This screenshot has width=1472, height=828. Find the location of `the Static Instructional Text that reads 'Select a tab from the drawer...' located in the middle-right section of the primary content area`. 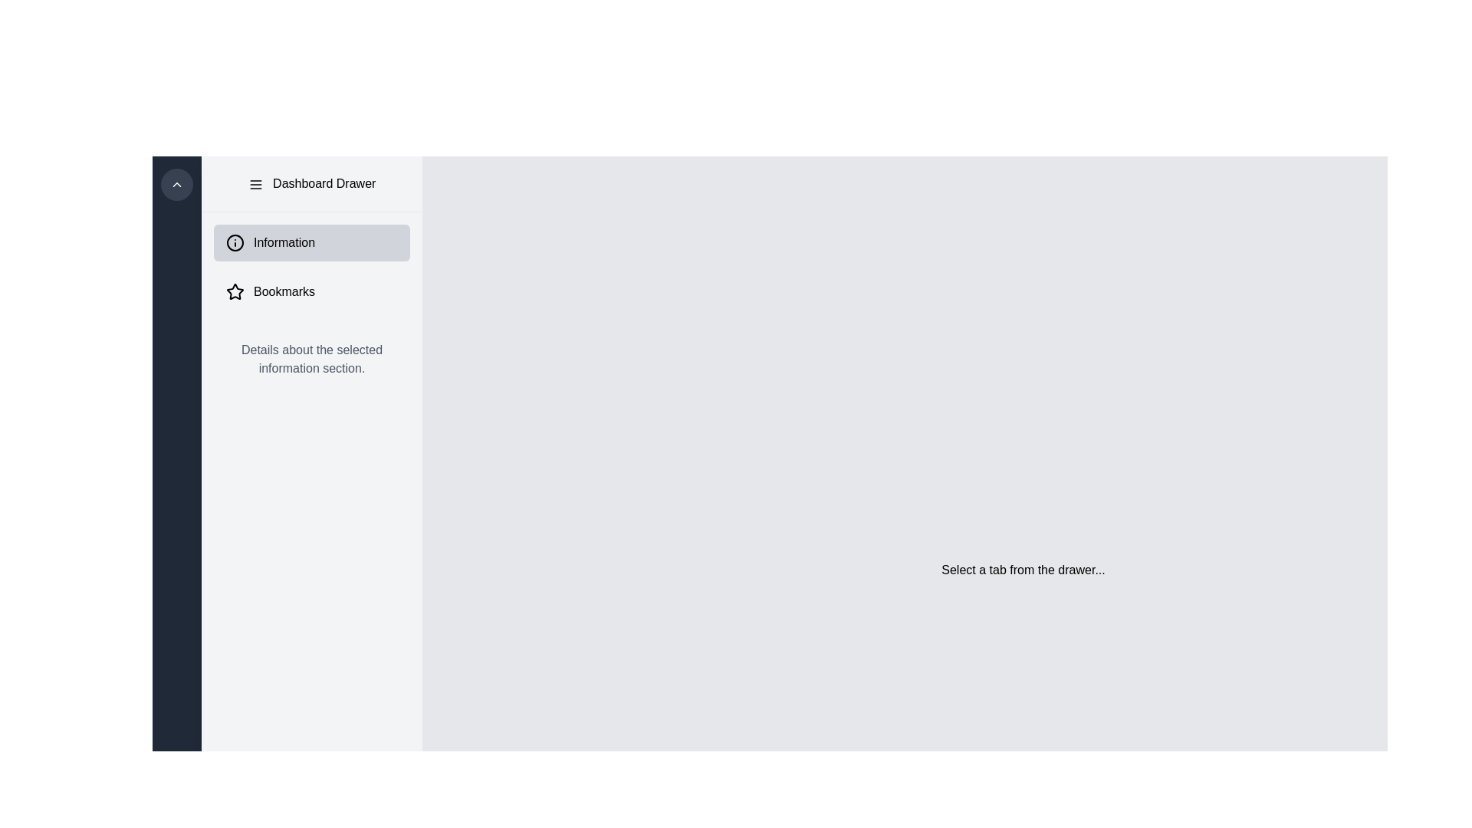

the Static Instructional Text that reads 'Select a tab from the drawer...' located in the middle-right section of the primary content area is located at coordinates (1023, 570).